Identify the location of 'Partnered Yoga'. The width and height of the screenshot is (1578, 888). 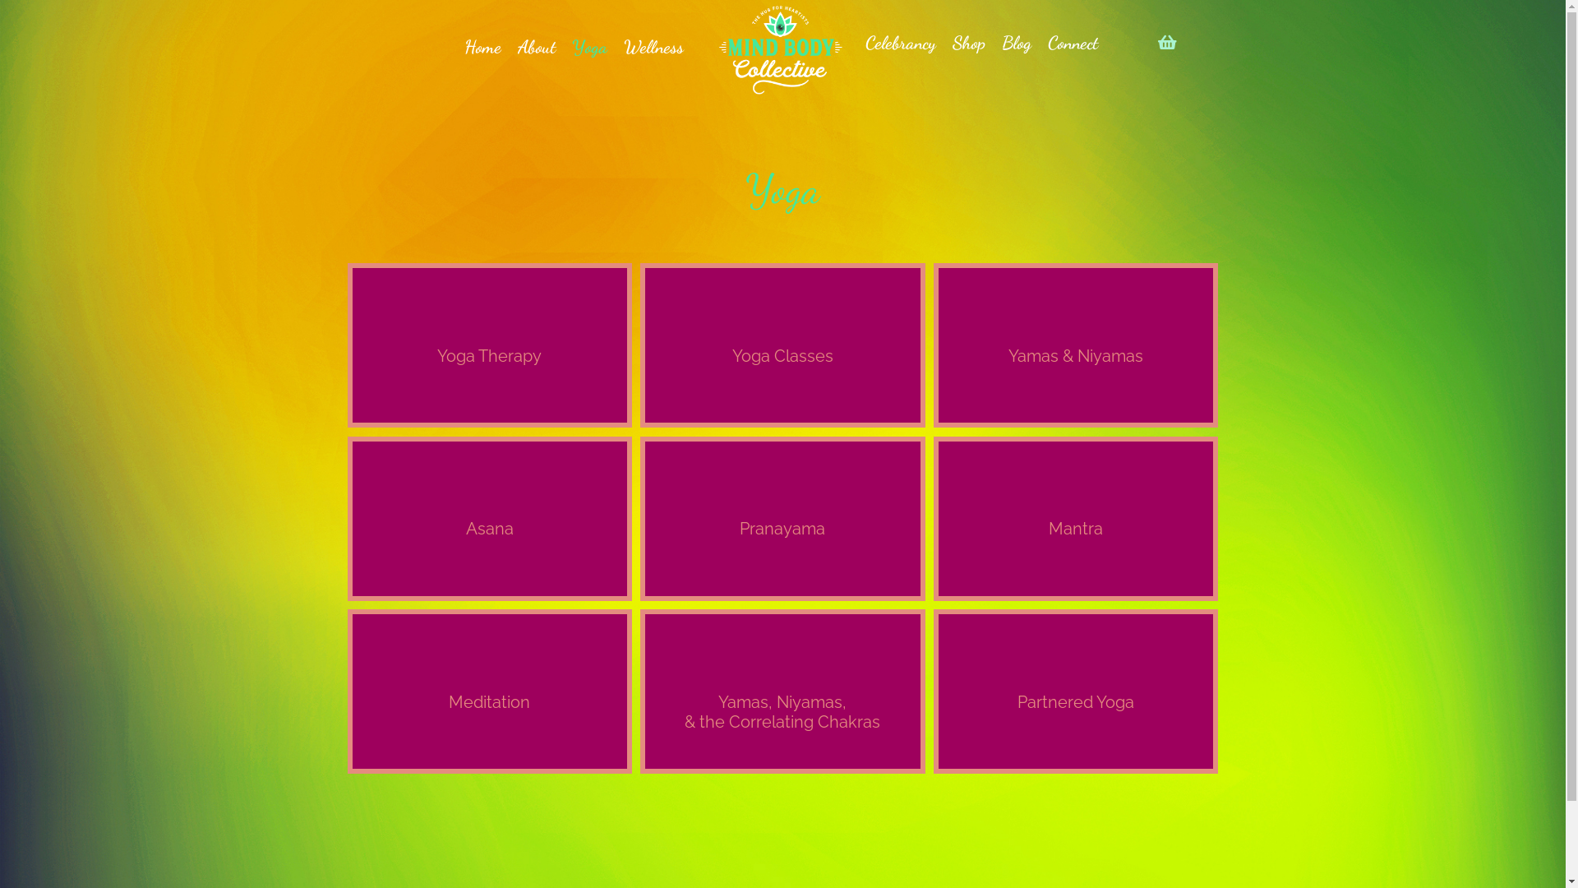
(1076, 691).